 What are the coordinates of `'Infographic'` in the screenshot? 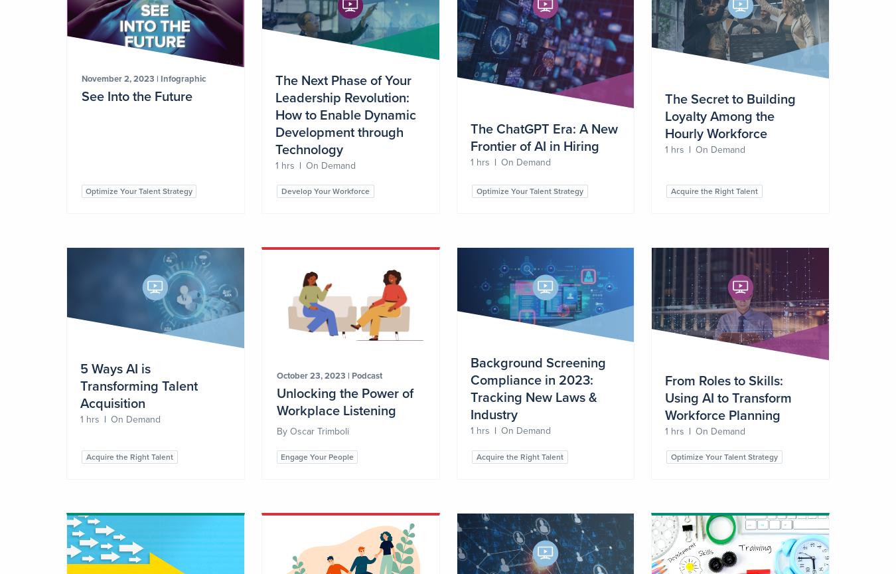 It's located at (160, 78).